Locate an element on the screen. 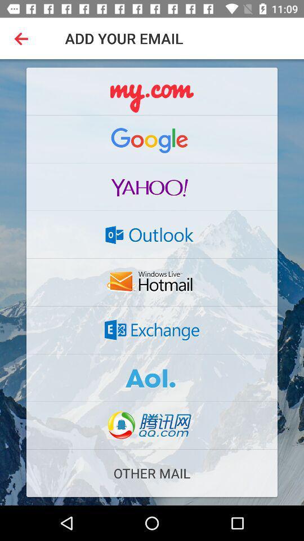 The image size is (304, 541). the second icon is located at coordinates (152, 139).